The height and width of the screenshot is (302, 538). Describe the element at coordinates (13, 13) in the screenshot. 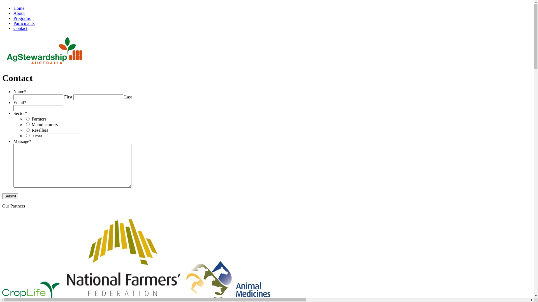

I see `'About'` at that location.